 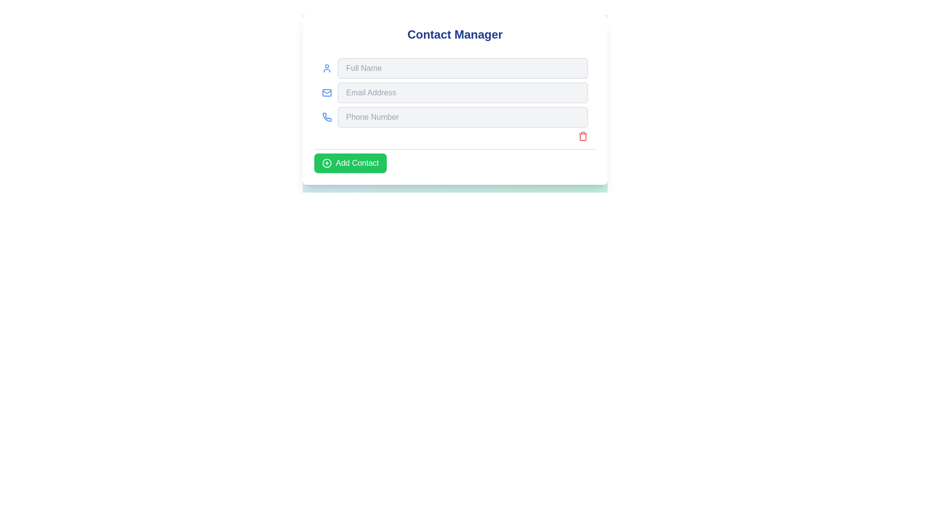 I want to click on the circular icon with a plus sign located at the center of the green 'Add Contact' button, so click(x=327, y=163).